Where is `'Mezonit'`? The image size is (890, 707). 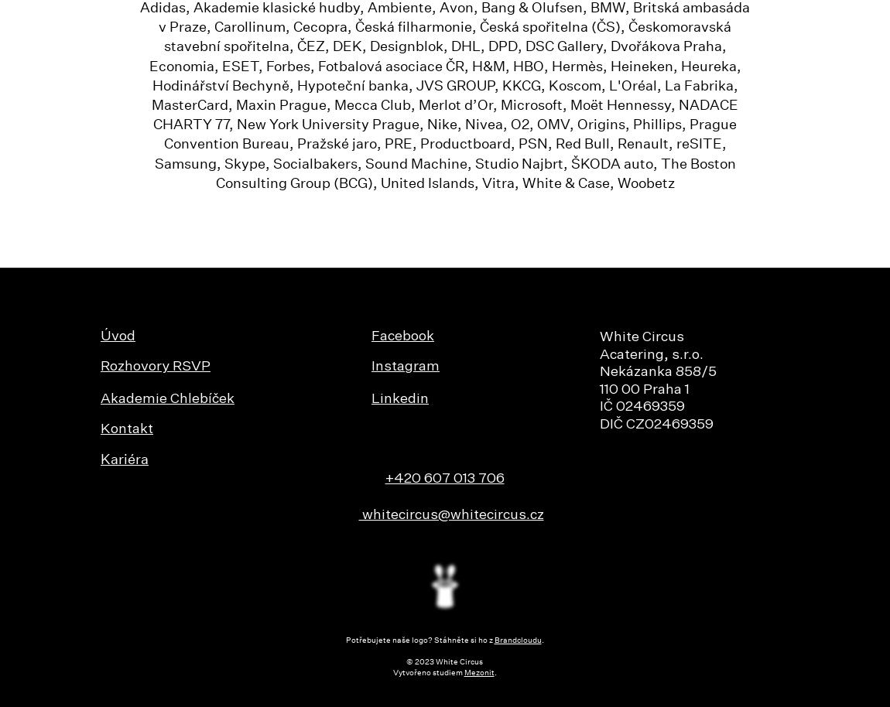
'Mezonit' is located at coordinates (478, 672).